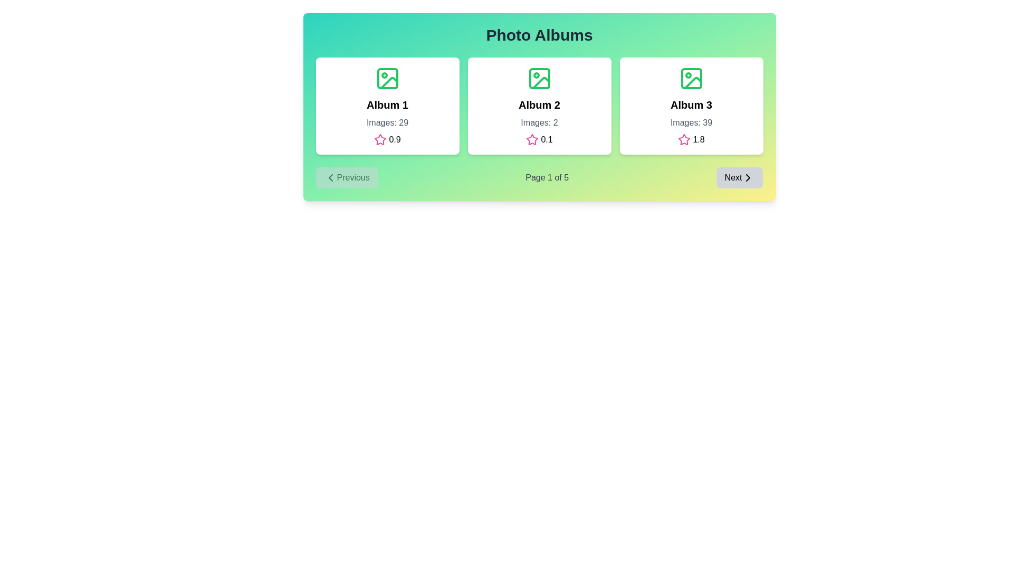 This screenshot has width=1013, height=570. Describe the element at coordinates (380, 139) in the screenshot. I see `the rating icon located within the first album card under the 'Photo Albums' heading, positioned below the 'Images: 29' label` at that location.